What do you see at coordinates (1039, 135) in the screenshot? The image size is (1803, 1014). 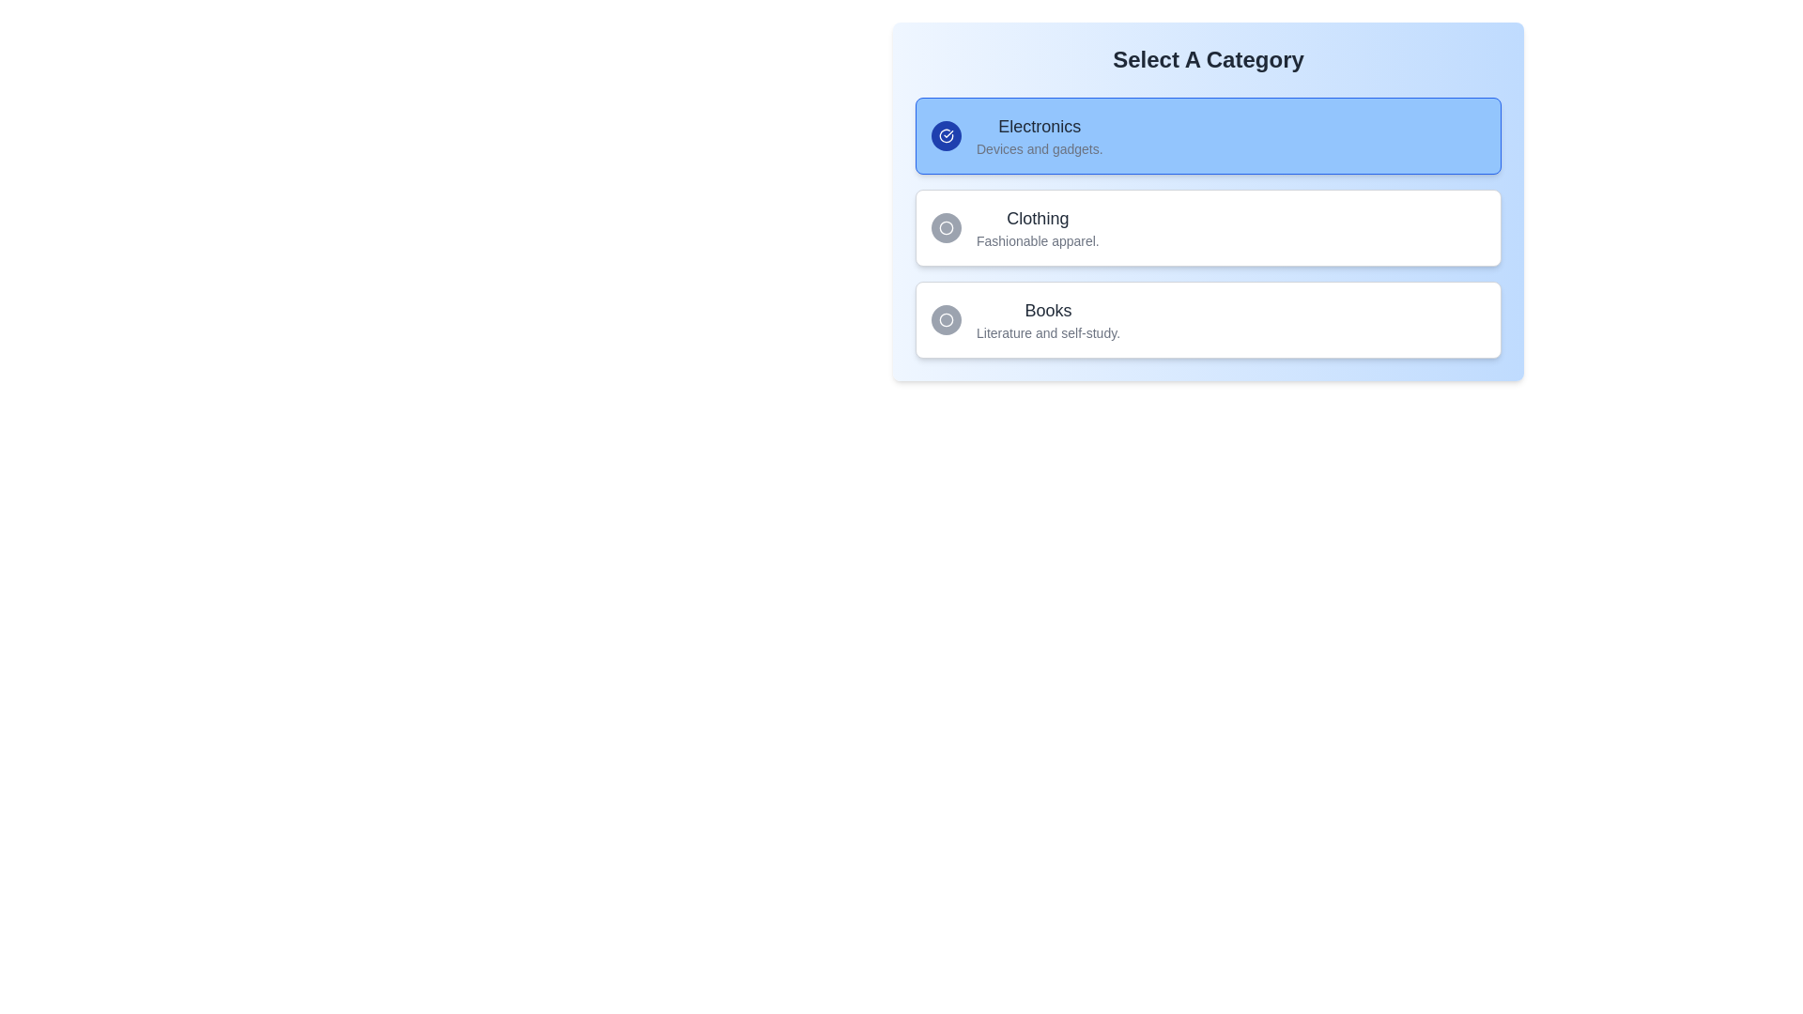 I see `the 'Electronics' category title text block, which includes the description 'Devices and gadgets.' This element is the topmost in a vertical list of cards, used for categorization` at bounding box center [1039, 135].